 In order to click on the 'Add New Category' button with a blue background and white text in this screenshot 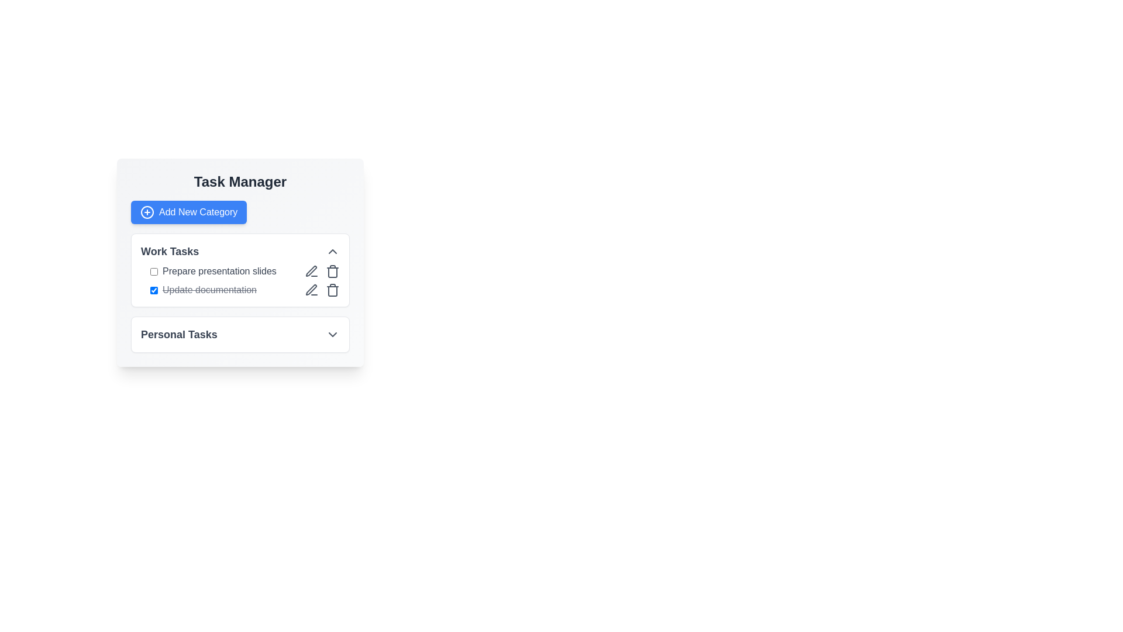, I will do `click(189, 212)`.